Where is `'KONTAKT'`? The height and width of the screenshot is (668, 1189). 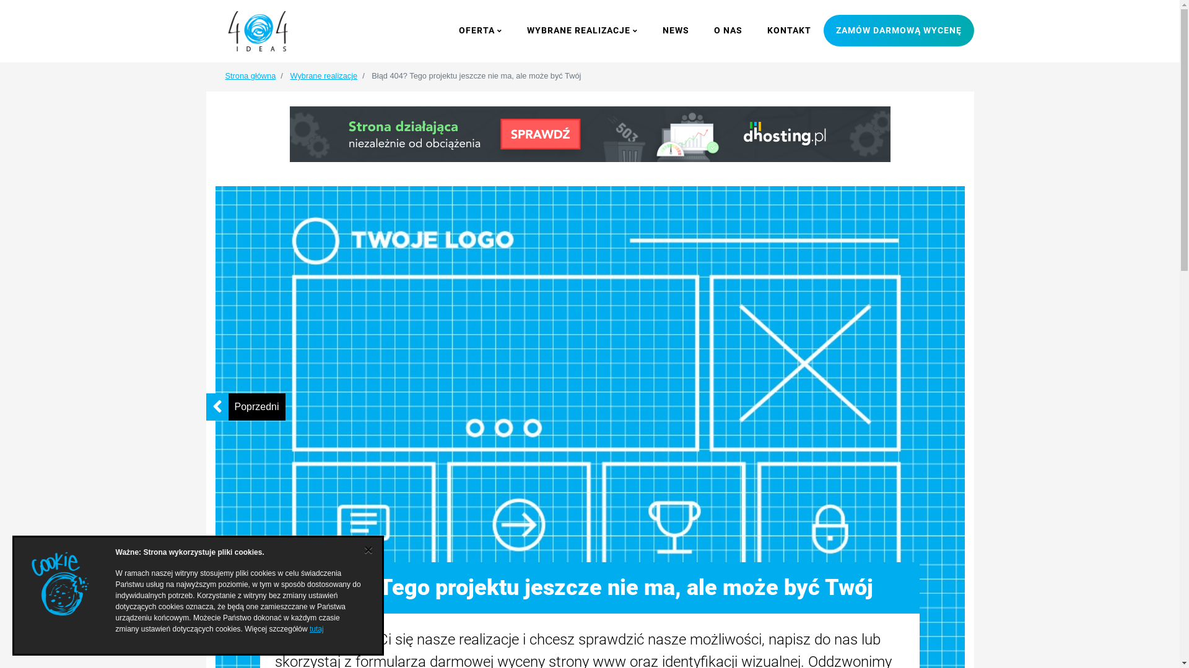
'KONTAKT' is located at coordinates (754, 30).